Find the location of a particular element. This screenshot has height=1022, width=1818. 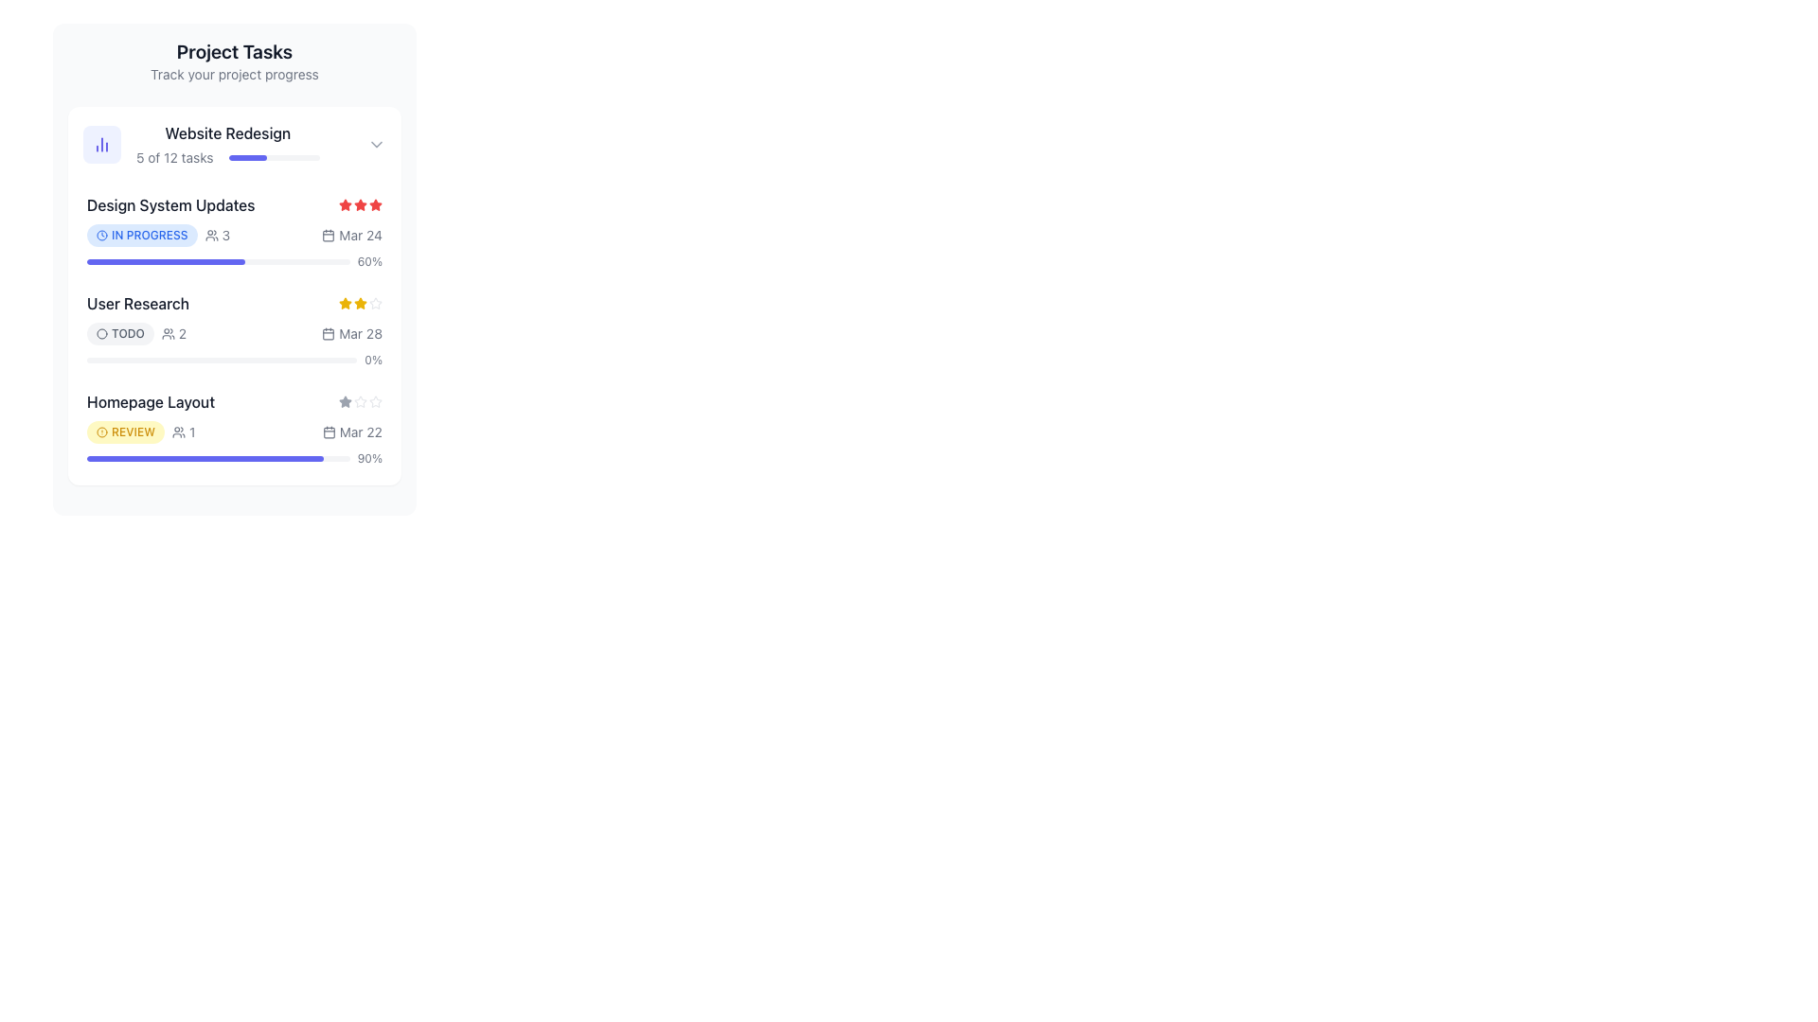

the second yellow star icon in the rating system is located at coordinates (360, 302).